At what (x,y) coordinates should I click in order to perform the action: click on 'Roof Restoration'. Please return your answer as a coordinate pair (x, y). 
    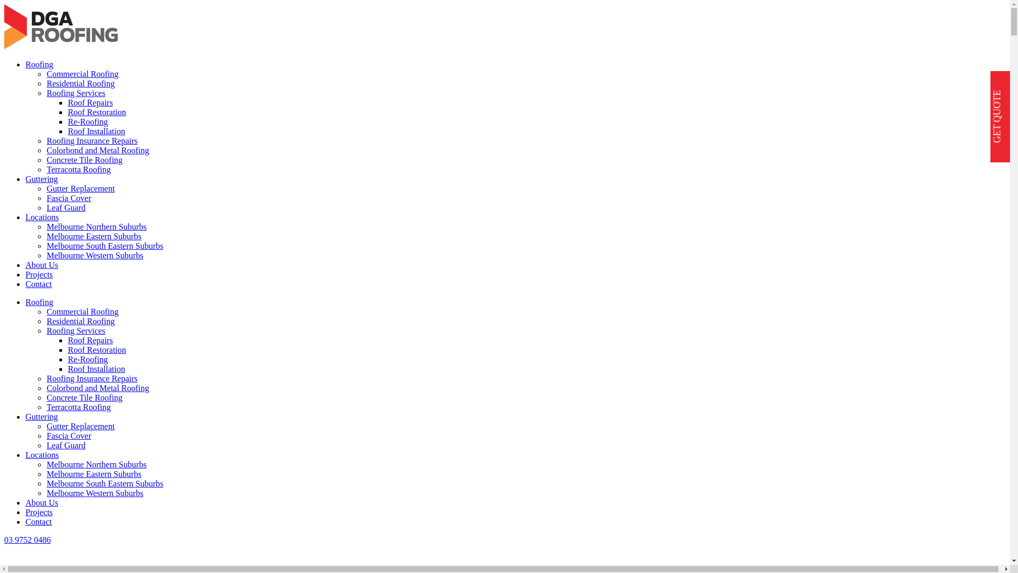
    Looking at the image, I should click on (96, 112).